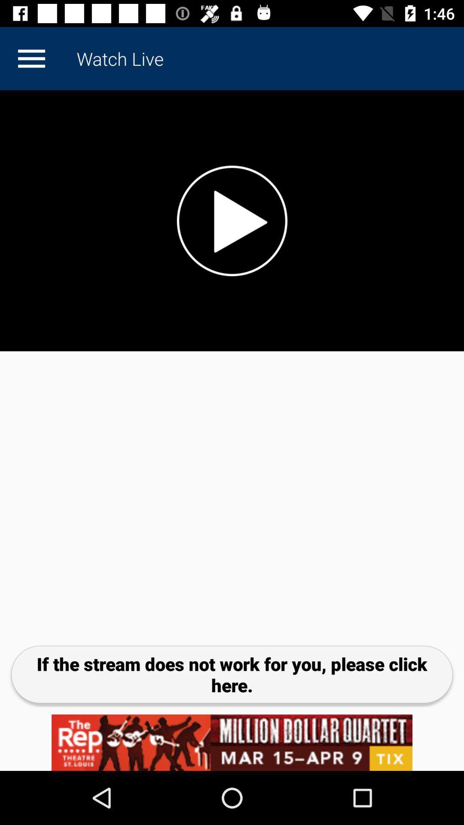 The width and height of the screenshot is (464, 825). I want to click on great way to now world and local news, so click(232, 220).